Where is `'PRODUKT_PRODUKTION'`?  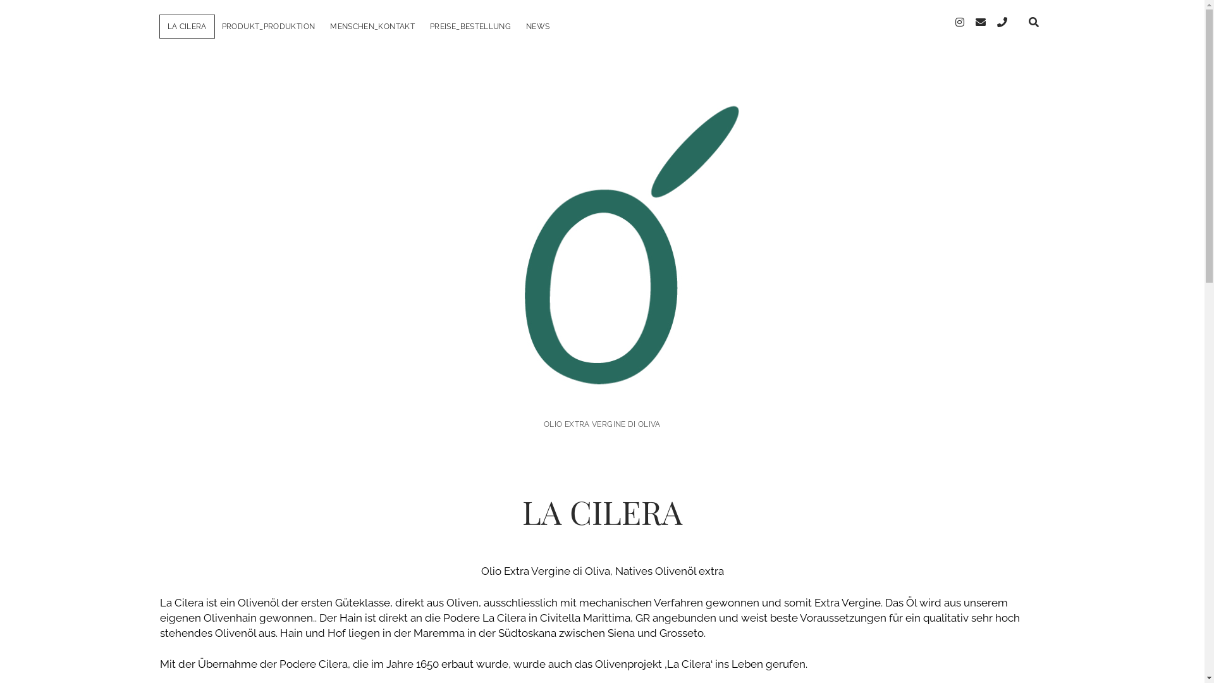
'PRODUKT_PRODUKTION' is located at coordinates (267, 27).